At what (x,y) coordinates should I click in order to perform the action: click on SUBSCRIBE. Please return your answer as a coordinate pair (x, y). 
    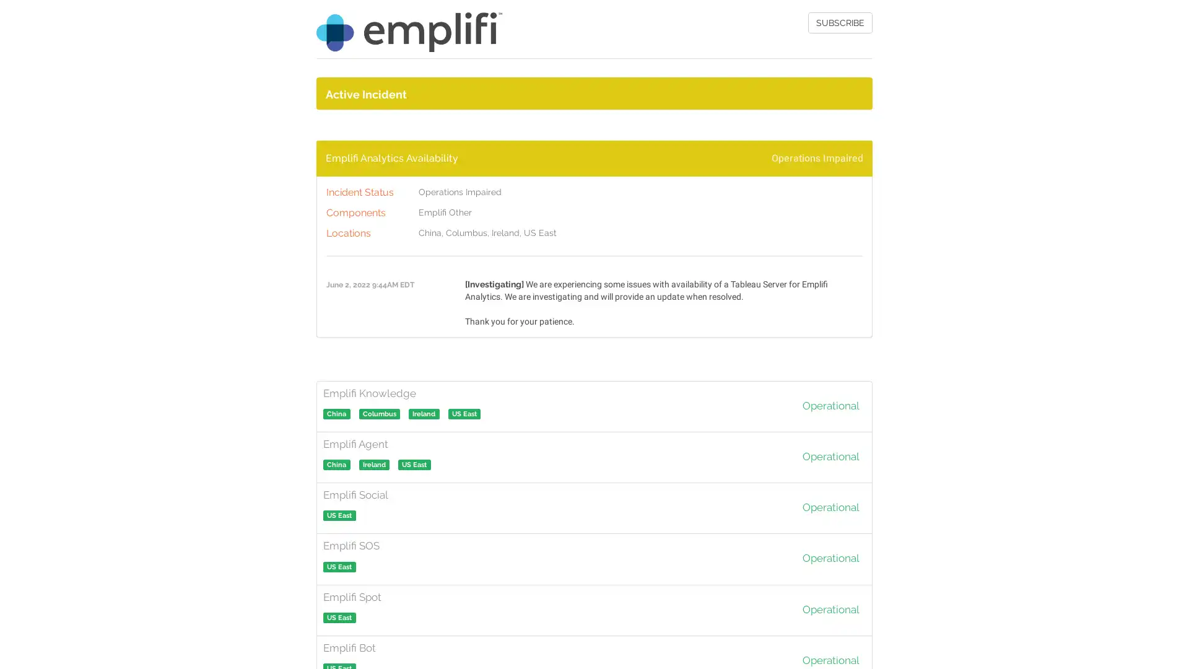
    Looking at the image, I should click on (840, 23).